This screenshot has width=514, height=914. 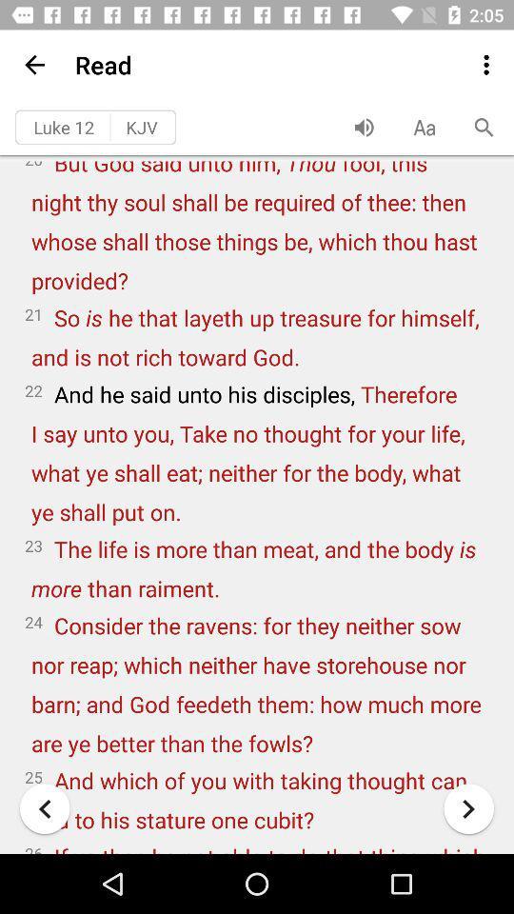 What do you see at coordinates (364, 126) in the screenshot?
I see `the volume icon` at bounding box center [364, 126].